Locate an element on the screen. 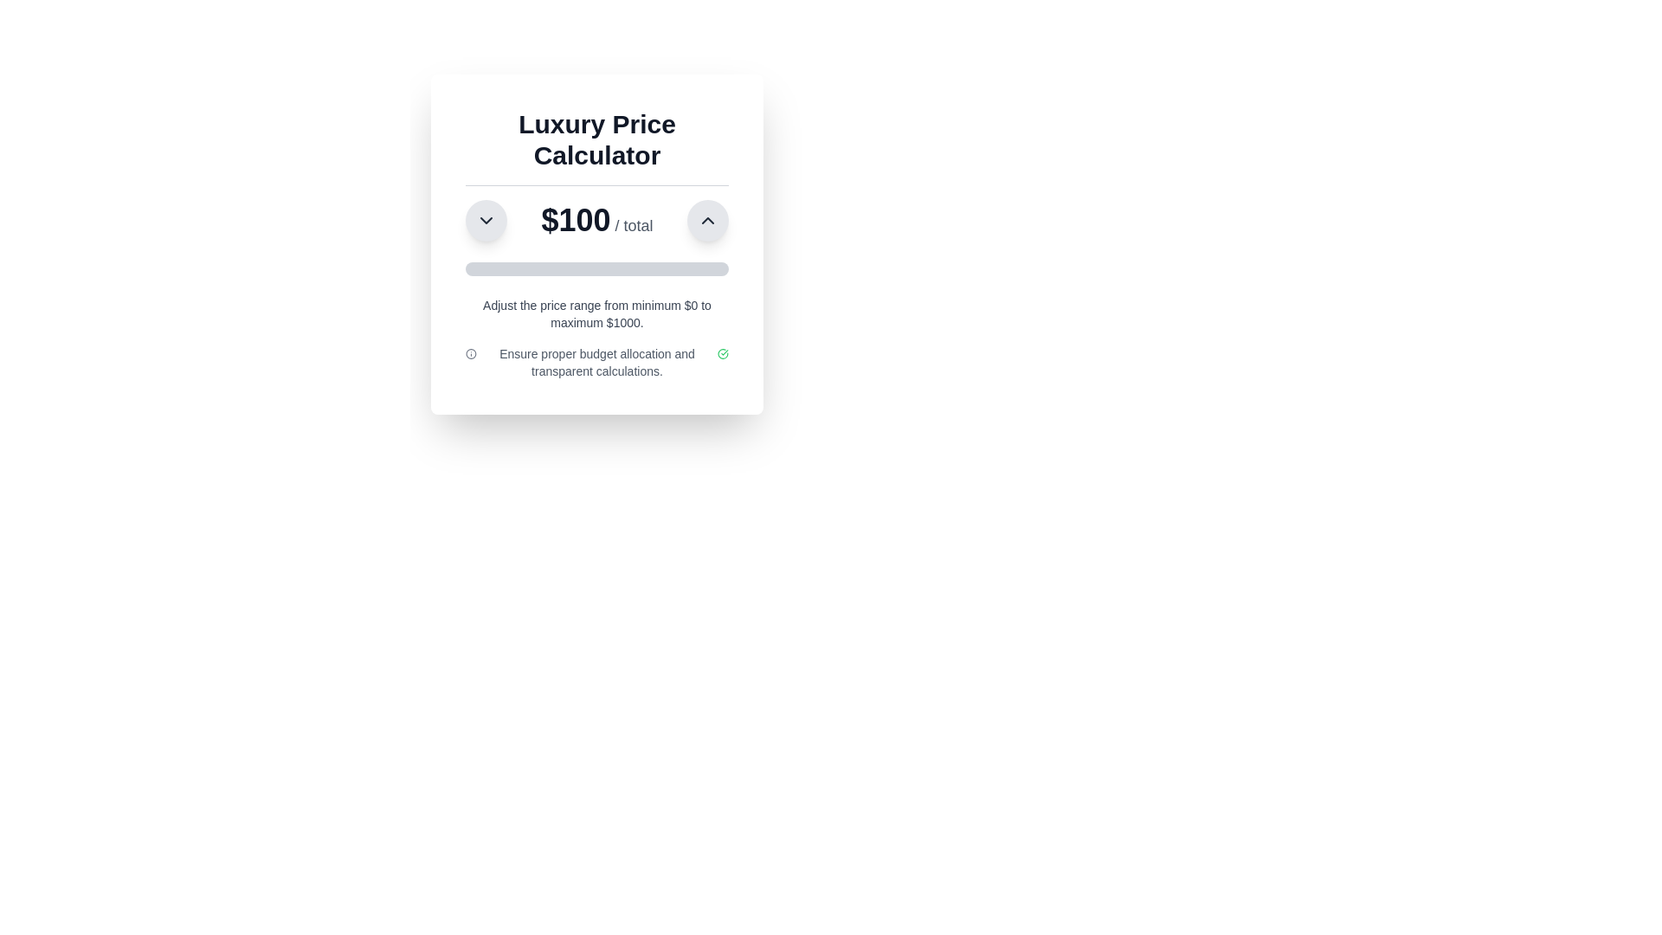  the small upward chevron icon, which is centered within the circular button located near the upper-right corner of the button beside the monetary value text is located at coordinates (707, 219).